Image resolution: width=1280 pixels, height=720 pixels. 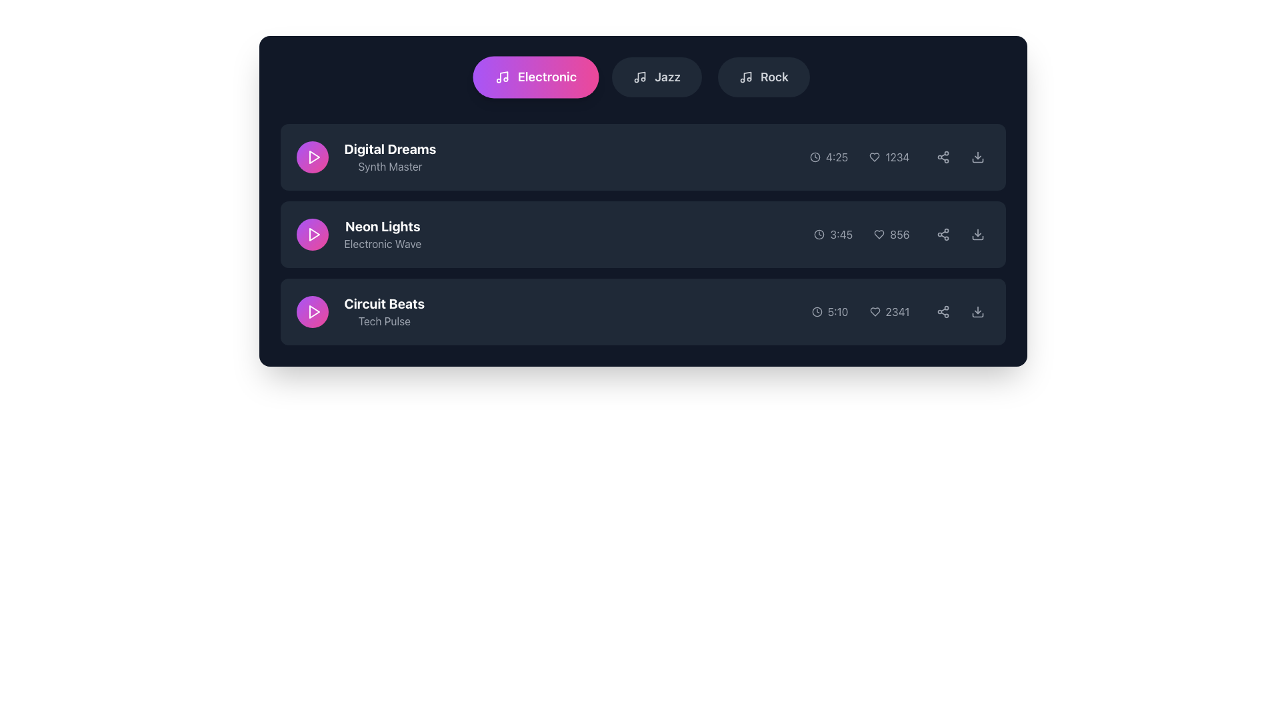 What do you see at coordinates (977, 233) in the screenshot?
I see `the button located in the third column of the second row` at bounding box center [977, 233].